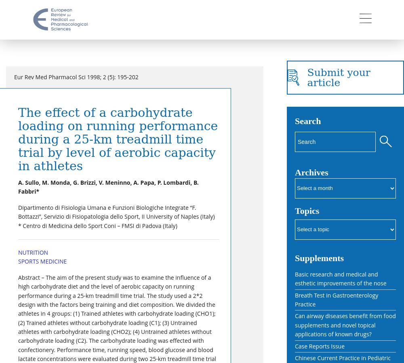  What do you see at coordinates (336, 299) in the screenshot?
I see `'Breath Test in Gastroenterology Practice'` at bounding box center [336, 299].